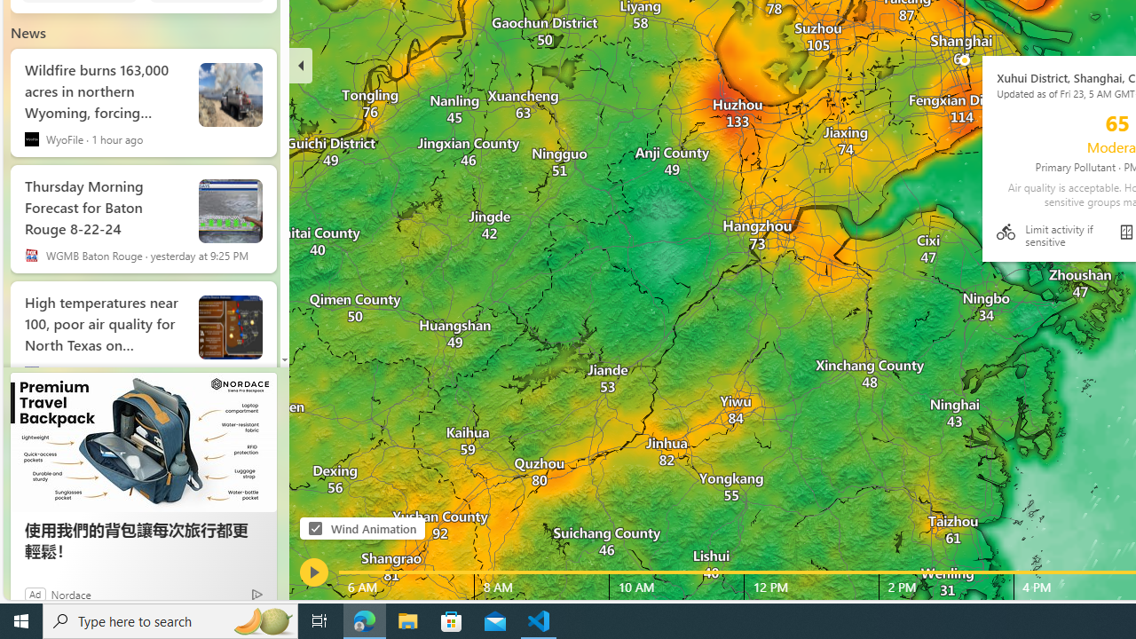  I want to click on 'Ad Choice', so click(256, 594).